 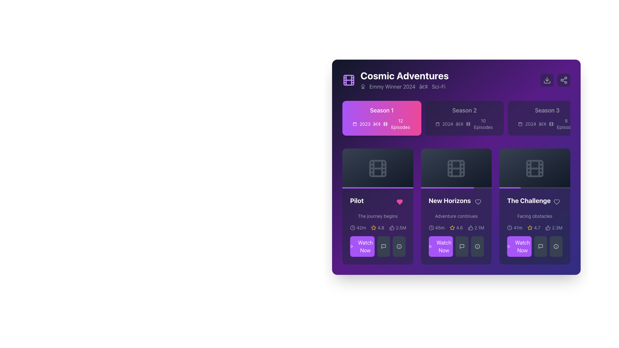 What do you see at coordinates (404, 86) in the screenshot?
I see `the text with accompanying icon located directly below the title 'Cosmic Adventures', which has light gray text on a dark background` at bounding box center [404, 86].